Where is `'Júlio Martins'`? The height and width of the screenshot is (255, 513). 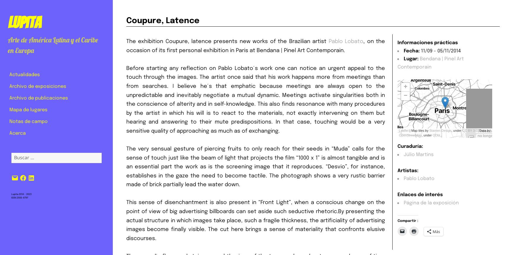
'Júlio Martins' is located at coordinates (418, 154).